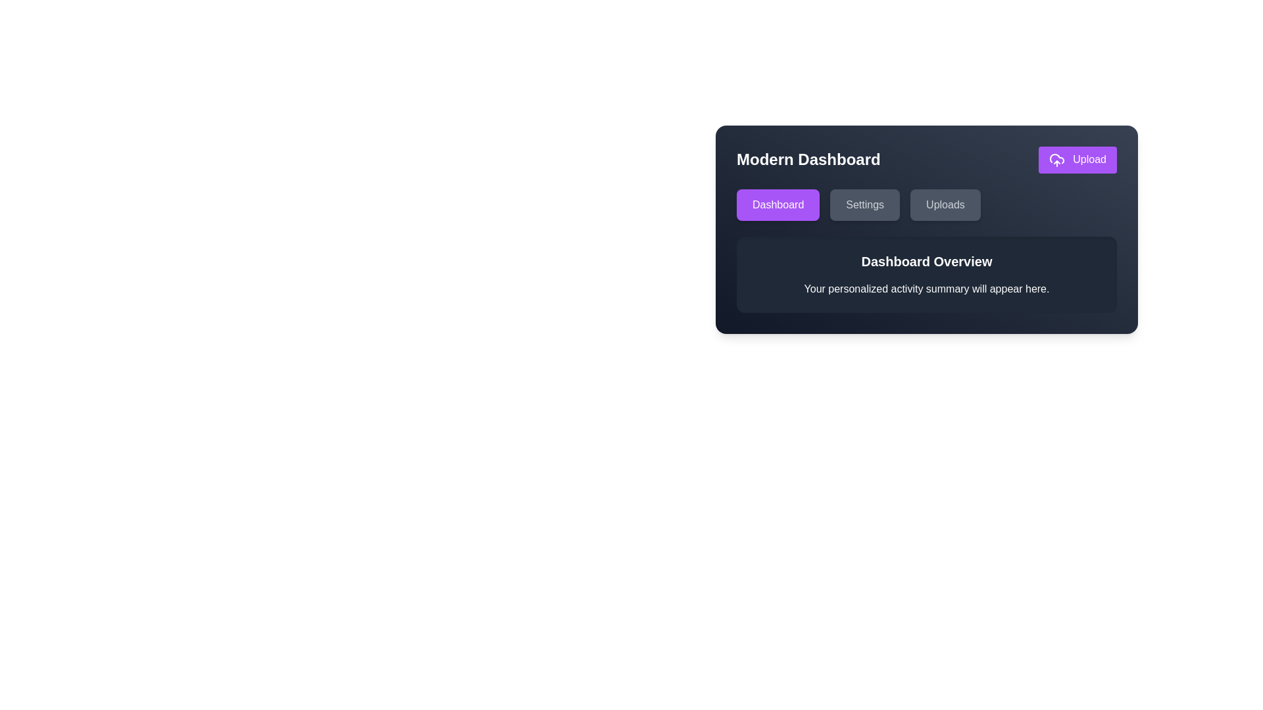 The height and width of the screenshot is (710, 1263). I want to click on the 'Dashboard' button, which is the first button in a horizontal group of three, so click(778, 204).